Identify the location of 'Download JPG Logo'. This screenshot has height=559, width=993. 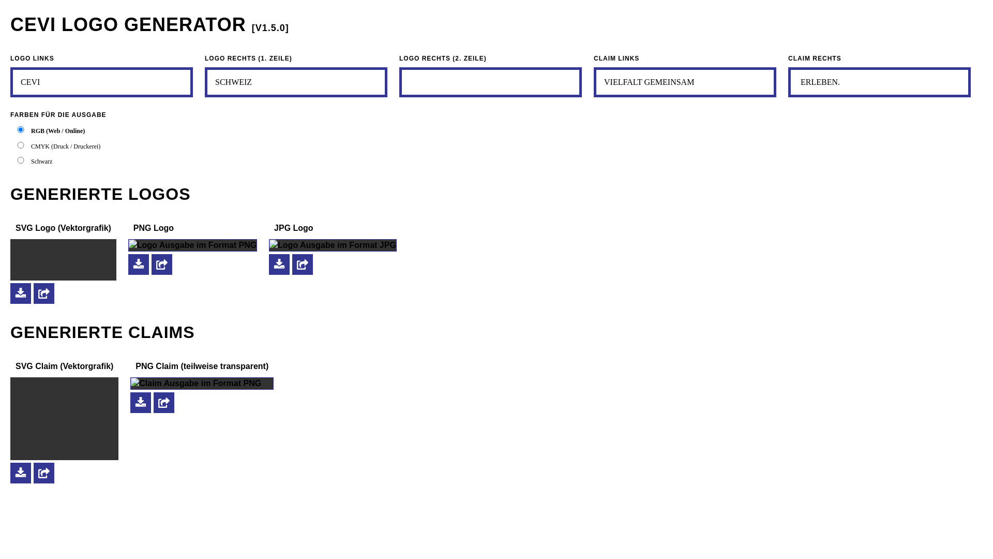
(279, 263).